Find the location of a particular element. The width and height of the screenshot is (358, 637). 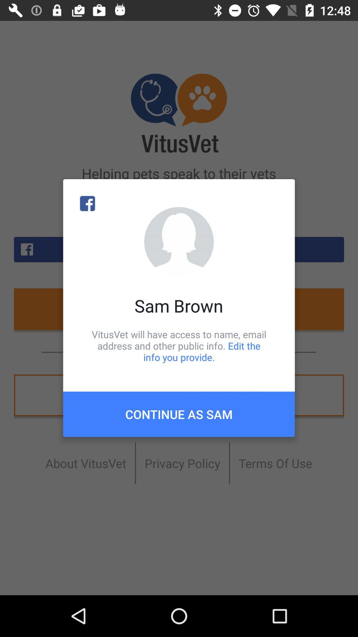

item below sam brown icon is located at coordinates (179, 345).